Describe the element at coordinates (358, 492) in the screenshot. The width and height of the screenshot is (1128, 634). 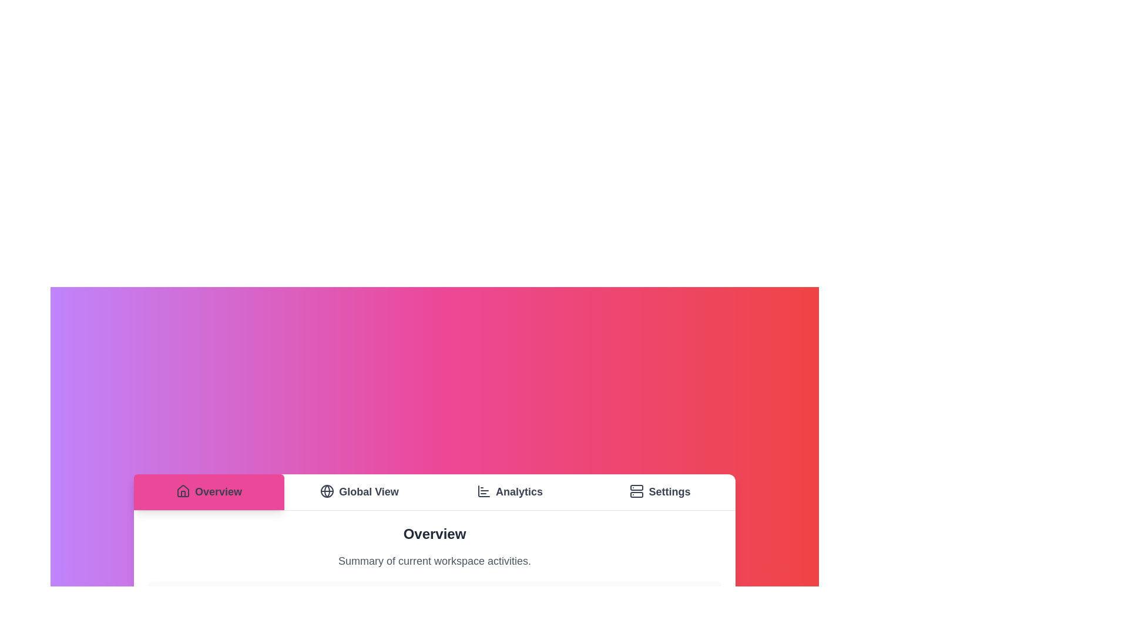
I see `the Global View tab by clicking on it` at that location.